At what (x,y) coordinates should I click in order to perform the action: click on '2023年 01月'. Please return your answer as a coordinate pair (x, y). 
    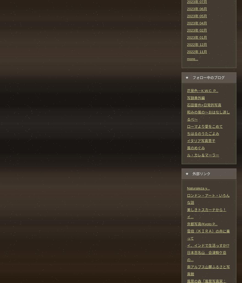
    Looking at the image, I should click on (197, 37).